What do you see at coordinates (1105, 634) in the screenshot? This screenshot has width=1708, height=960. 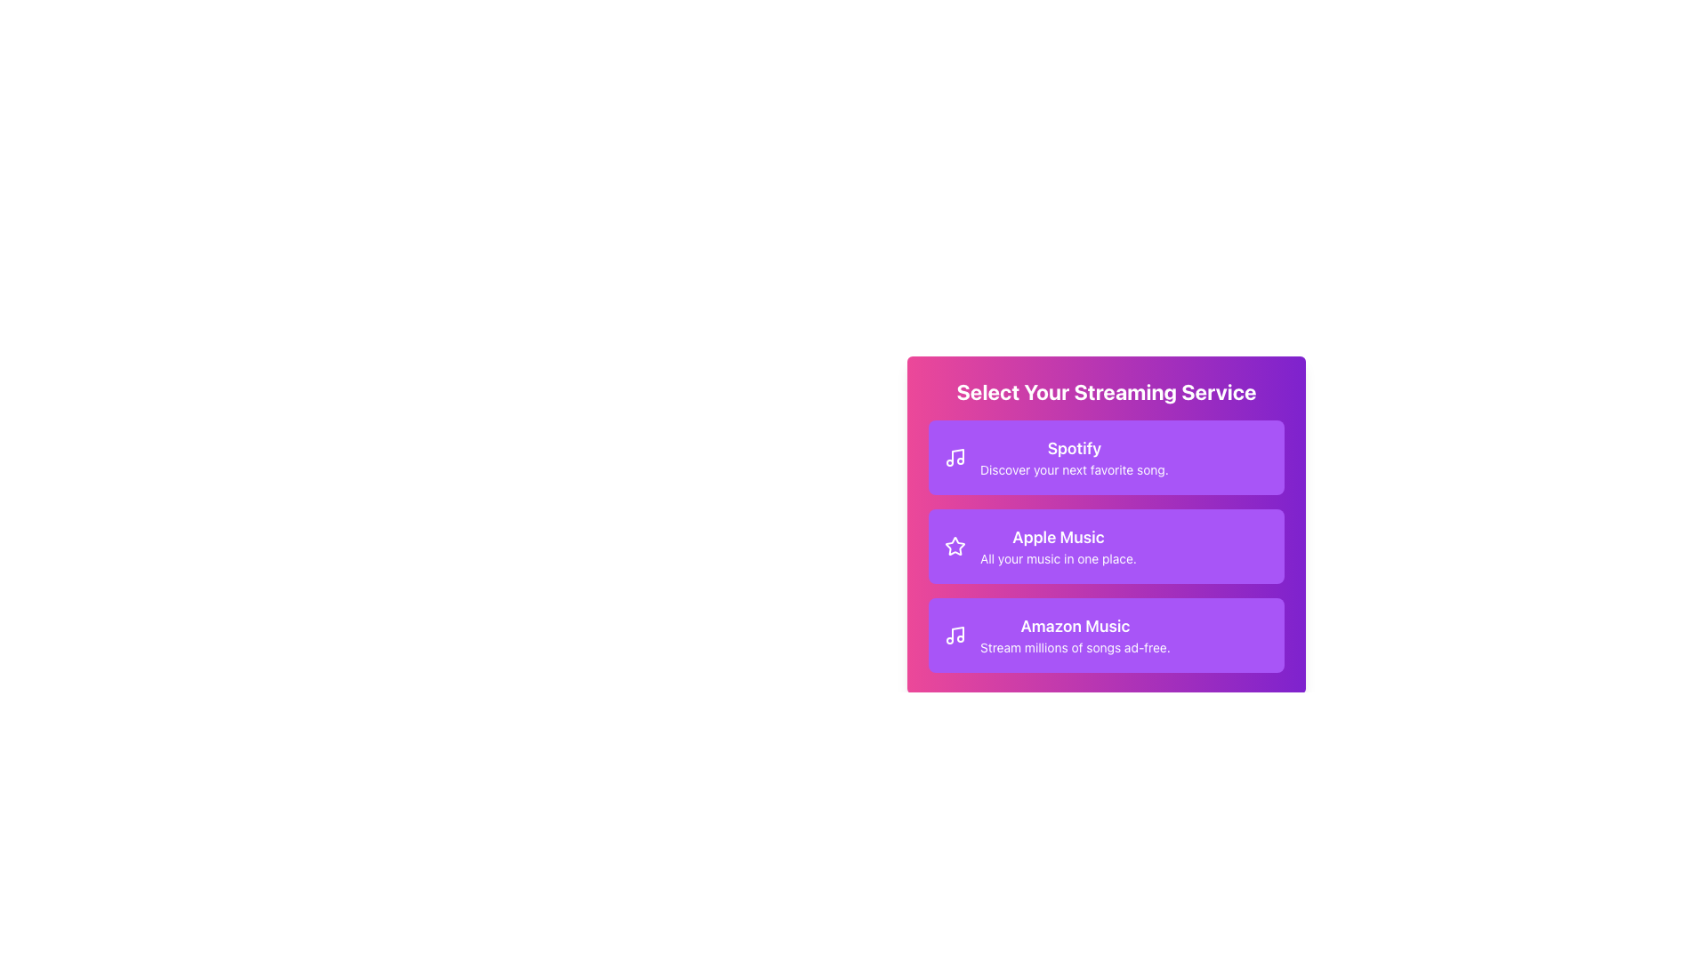 I see `the 'Amazon Music' interactive button with a purple background and white text` at bounding box center [1105, 634].